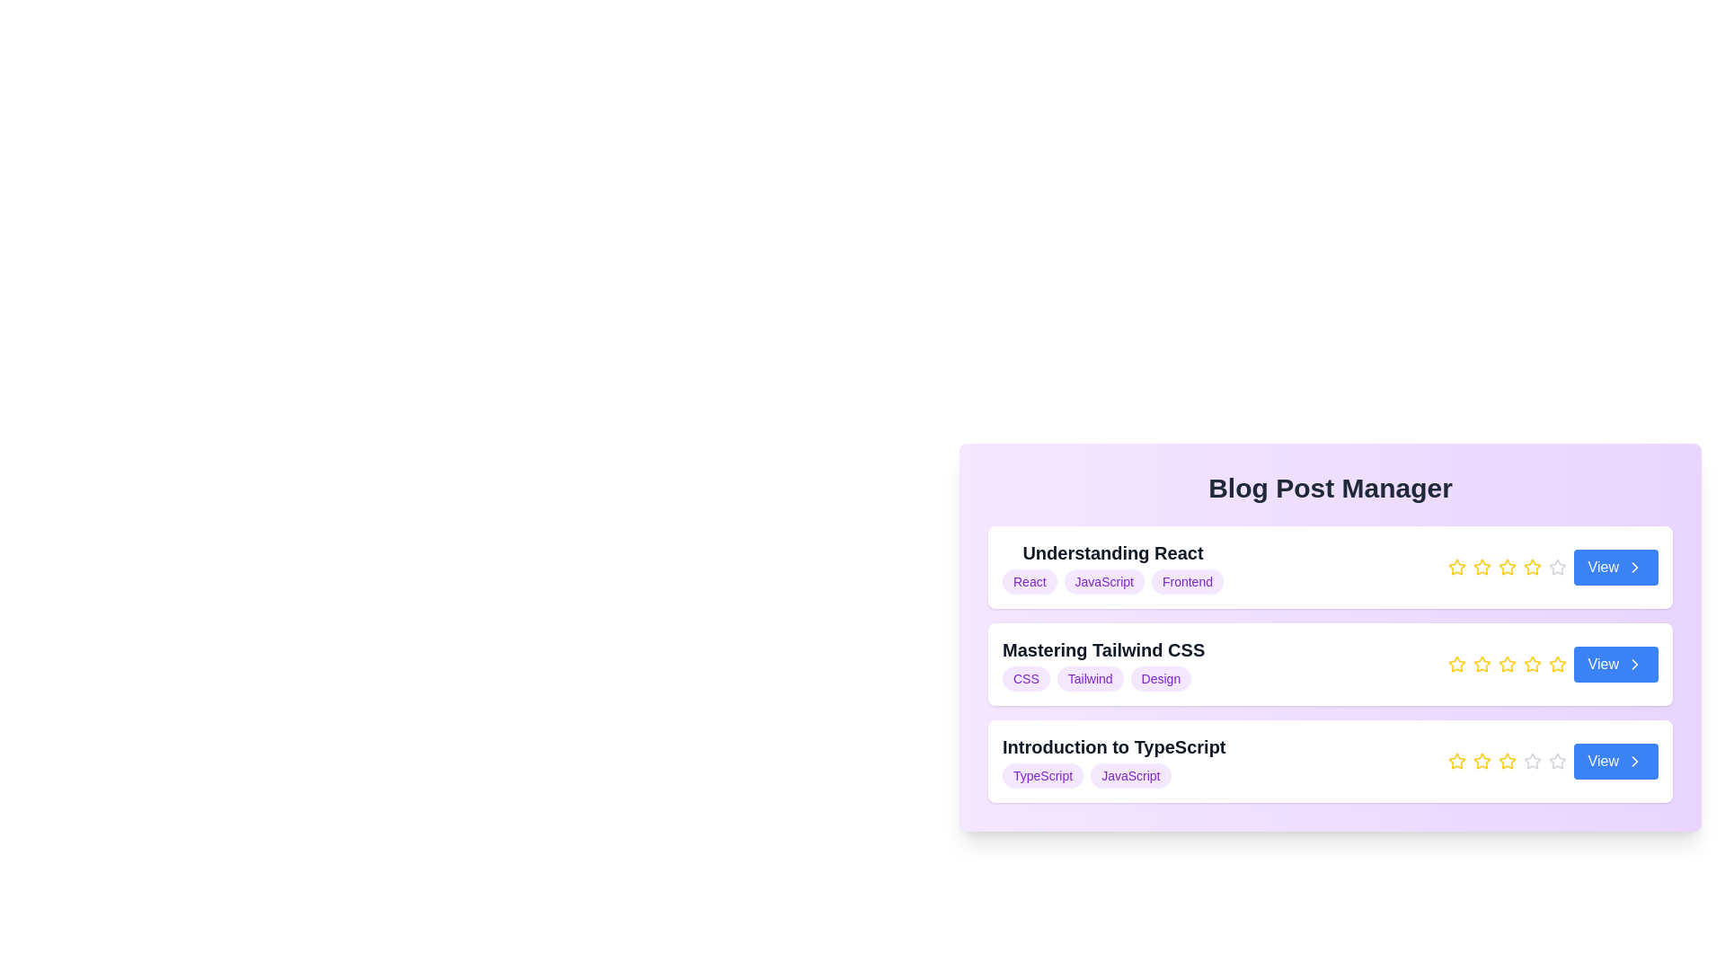 Image resolution: width=1725 pixels, height=970 pixels. I want to click on the 'View' text label within the button, which is styled with a white font on a blue background and positioned in the Blog Post Manager section, so click(1603, 665).